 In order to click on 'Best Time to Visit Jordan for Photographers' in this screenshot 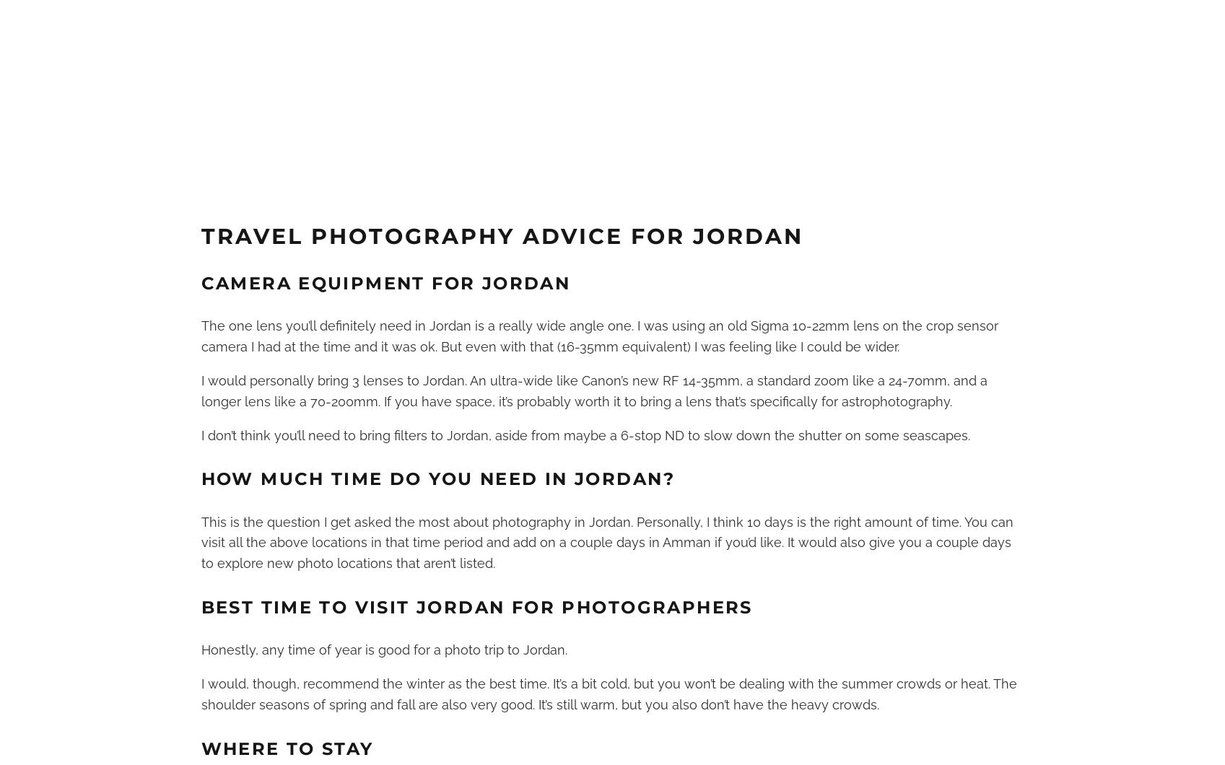, I will do `click(476, 606)`.